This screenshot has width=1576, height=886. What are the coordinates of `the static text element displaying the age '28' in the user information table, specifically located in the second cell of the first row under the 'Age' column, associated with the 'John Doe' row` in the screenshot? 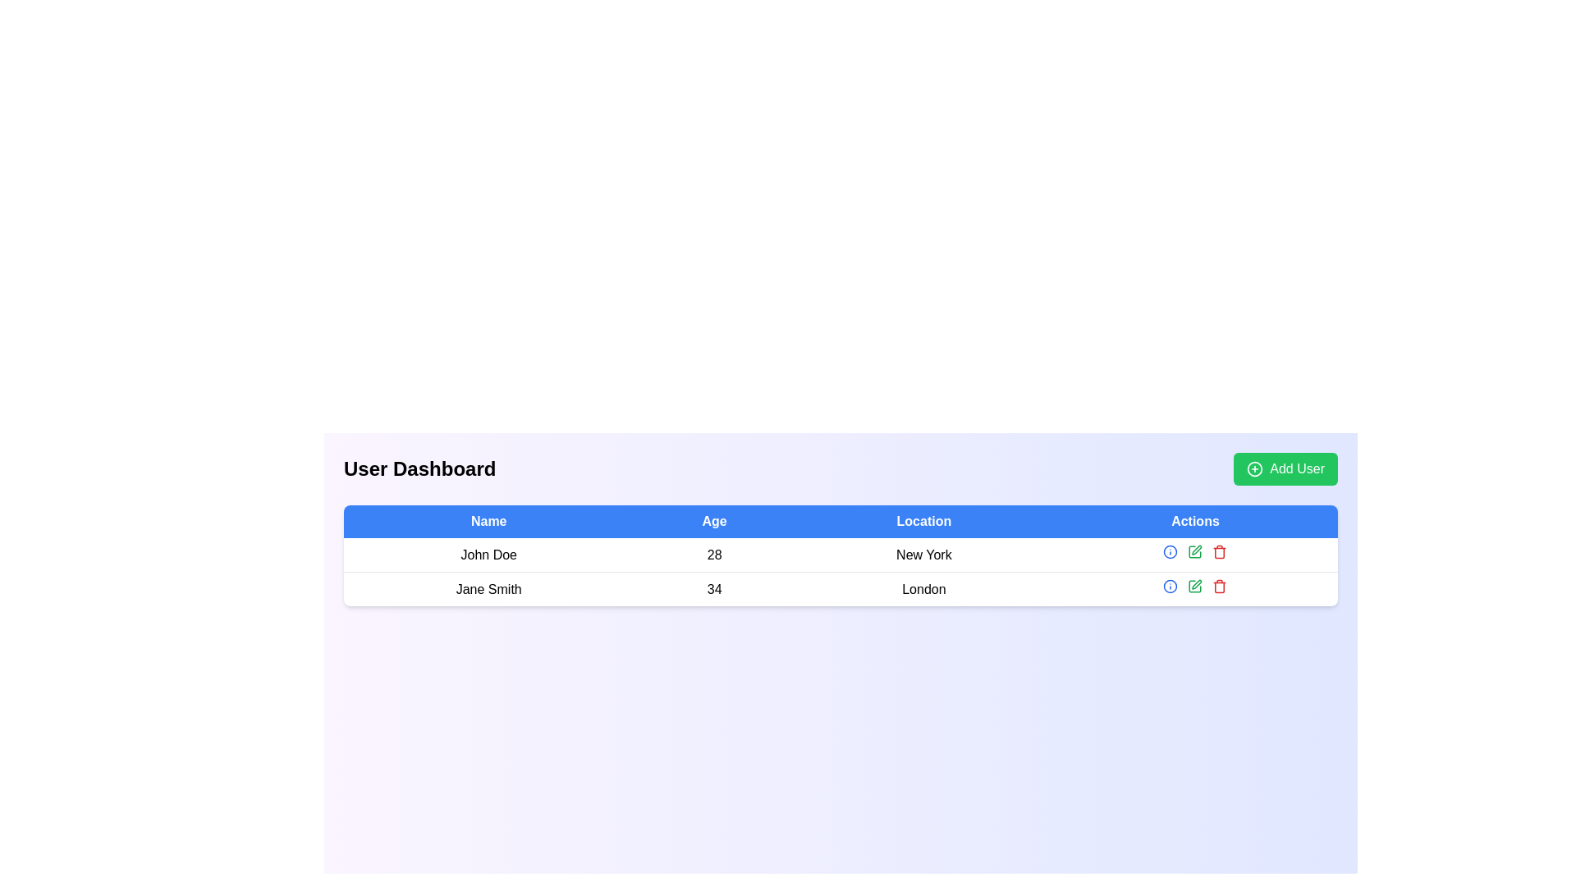 It's located at (714, 554).